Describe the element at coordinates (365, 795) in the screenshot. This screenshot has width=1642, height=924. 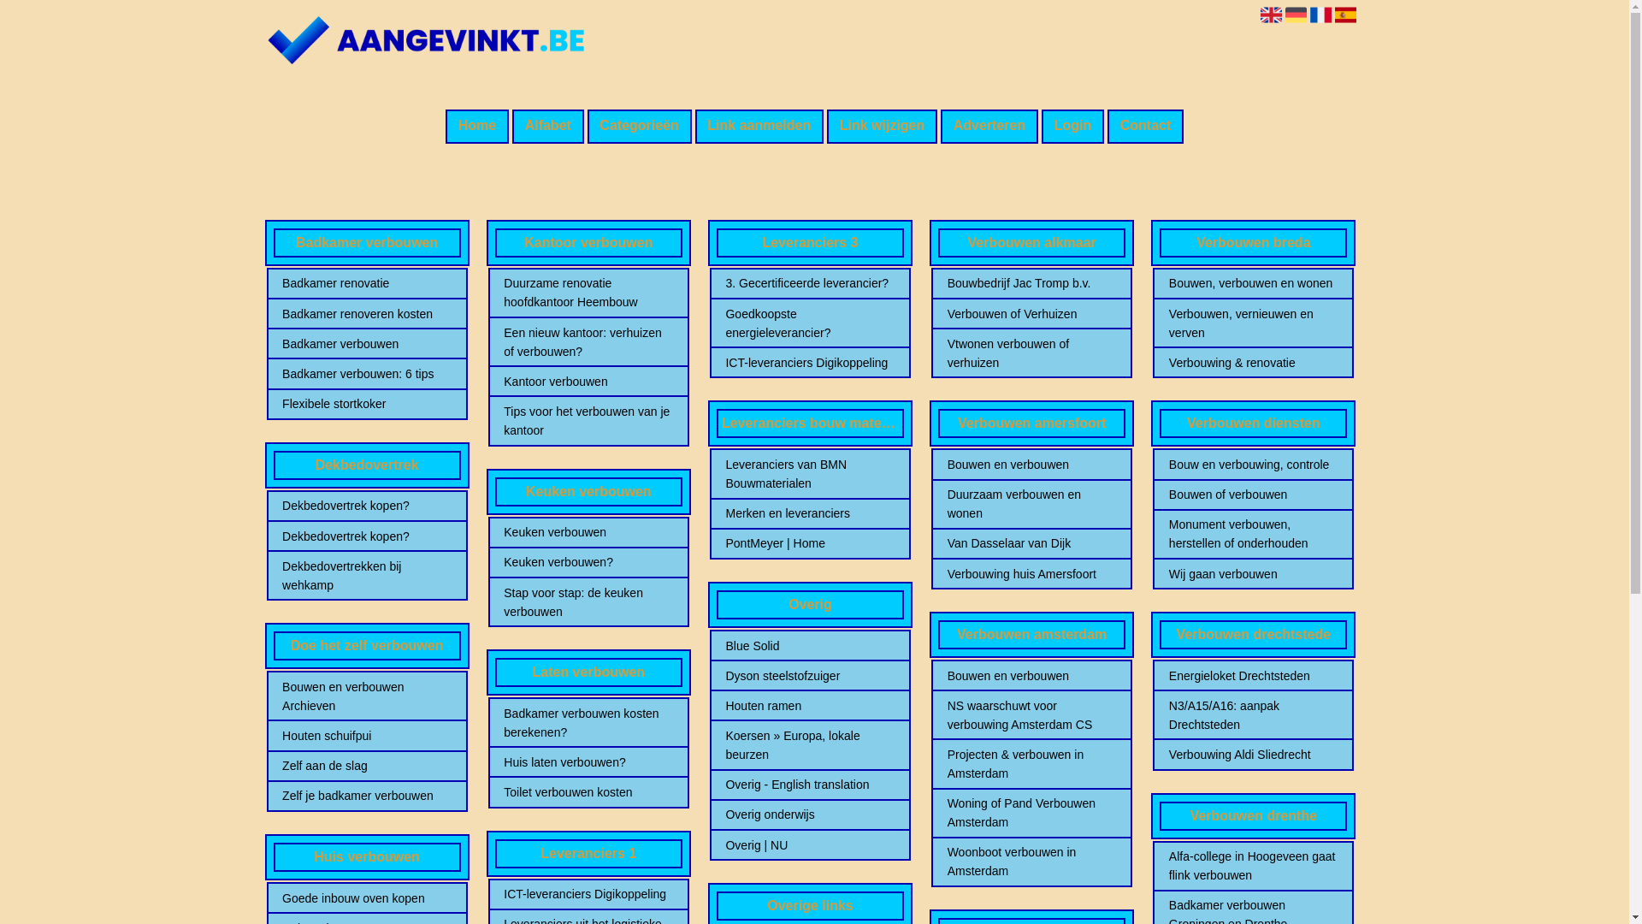
I see `'Zelf je badkamer verbouwen'` at that location.